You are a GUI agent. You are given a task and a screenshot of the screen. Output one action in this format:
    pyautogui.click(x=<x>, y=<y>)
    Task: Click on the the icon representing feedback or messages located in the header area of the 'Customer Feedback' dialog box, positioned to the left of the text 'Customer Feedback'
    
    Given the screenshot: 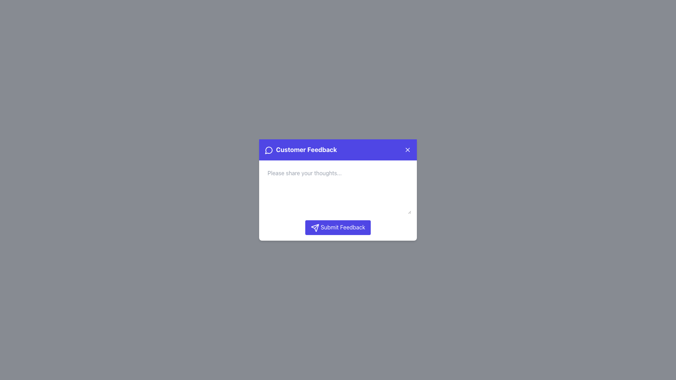 What is the action you would take?
    pyautogui.click(x=268, y=150)
    